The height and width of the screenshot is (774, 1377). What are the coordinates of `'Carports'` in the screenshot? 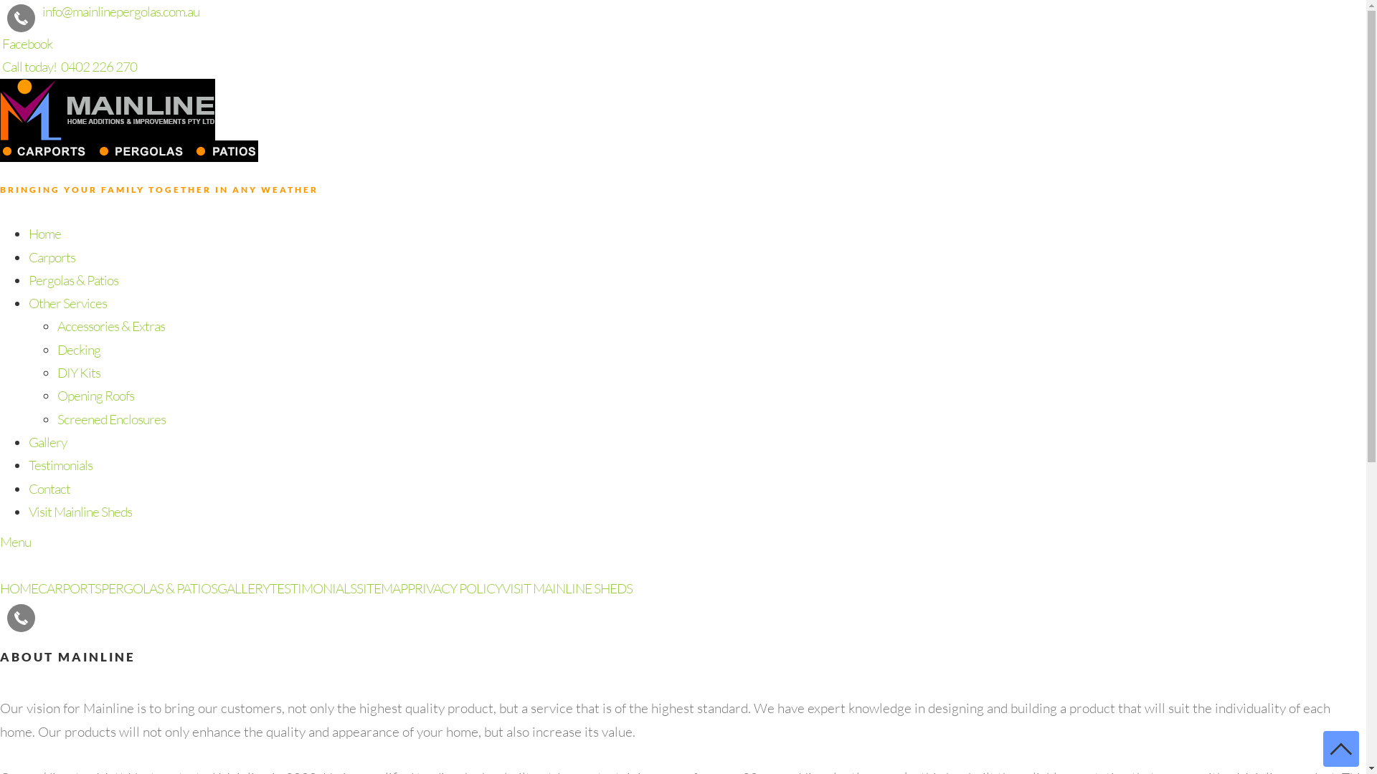 It's located at (28, 256).